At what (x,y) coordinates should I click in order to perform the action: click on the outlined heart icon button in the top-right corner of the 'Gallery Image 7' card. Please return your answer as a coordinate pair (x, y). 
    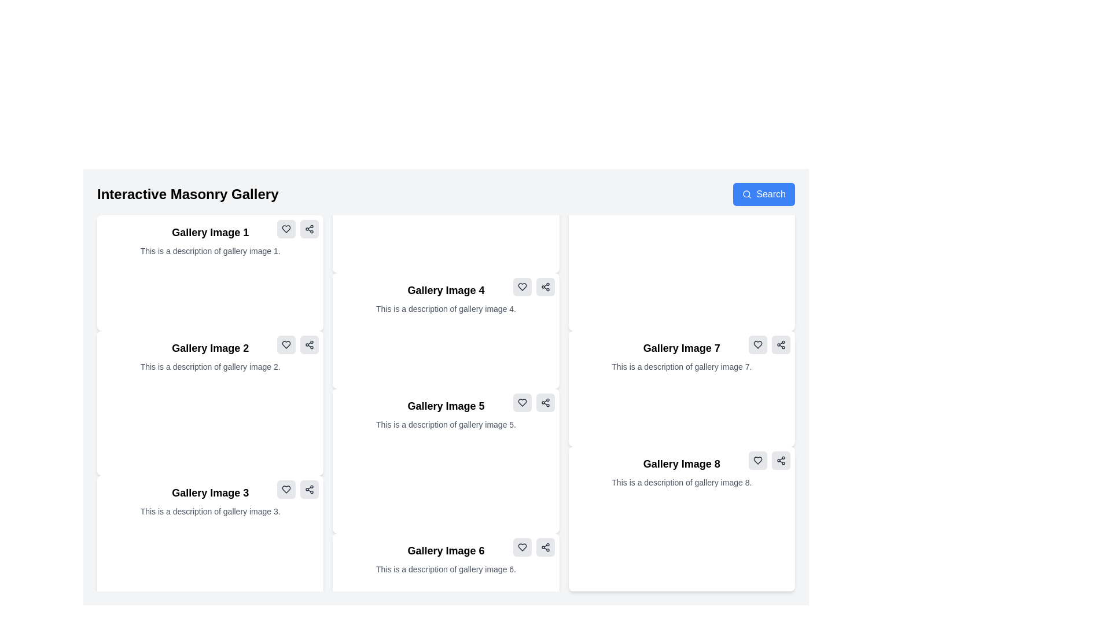
    Looking at the image, I should click on (758, 344).